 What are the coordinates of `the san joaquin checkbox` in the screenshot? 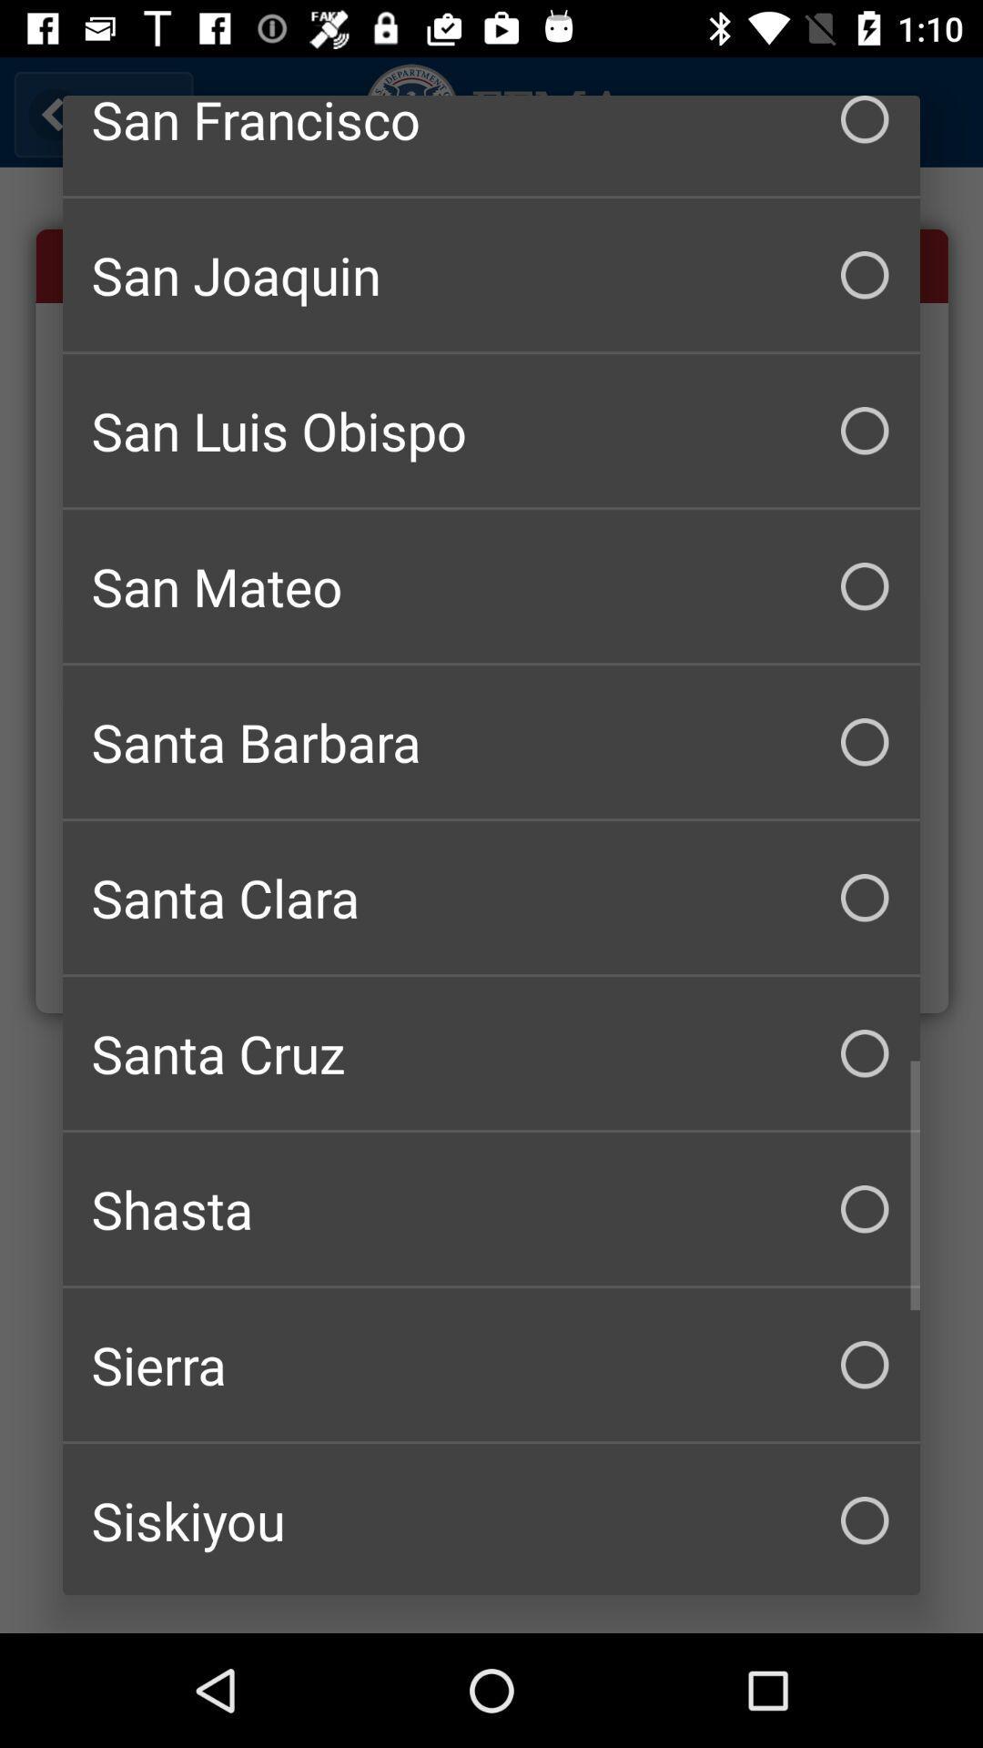 It's located at (491, 274).